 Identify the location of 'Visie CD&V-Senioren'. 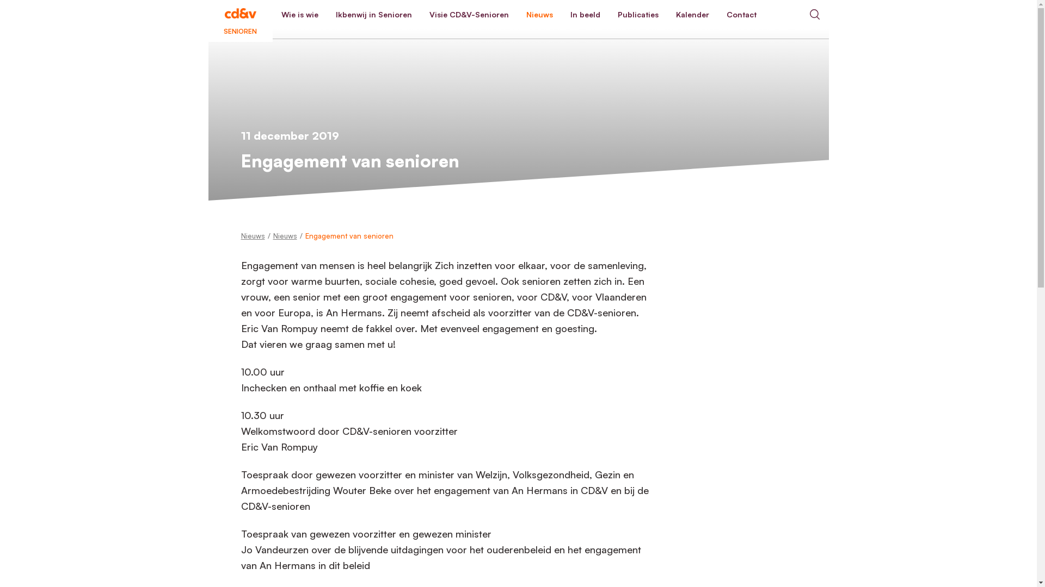
(468, 15).